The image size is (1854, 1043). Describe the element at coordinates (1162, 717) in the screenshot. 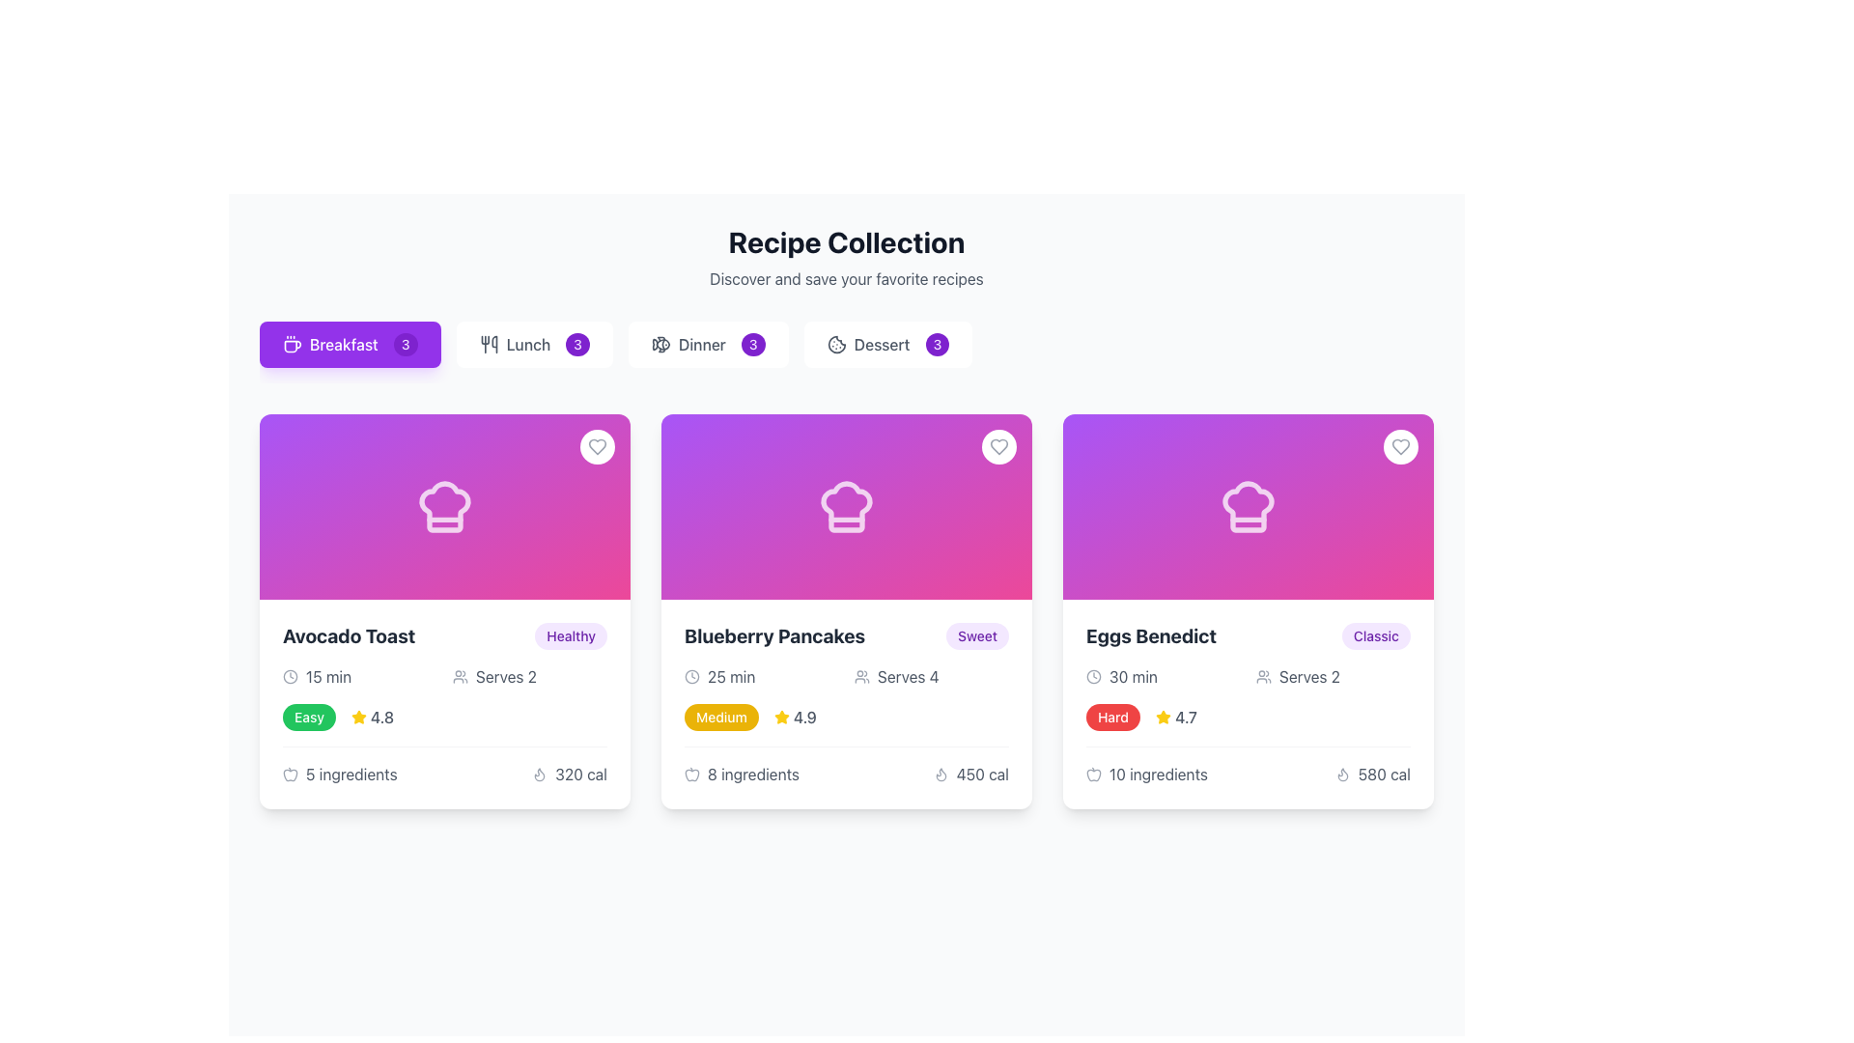

I see `the star-shaped SVG icon located in the rating section of the 'Eggs Benedict' recipe card for interaction` at that location.